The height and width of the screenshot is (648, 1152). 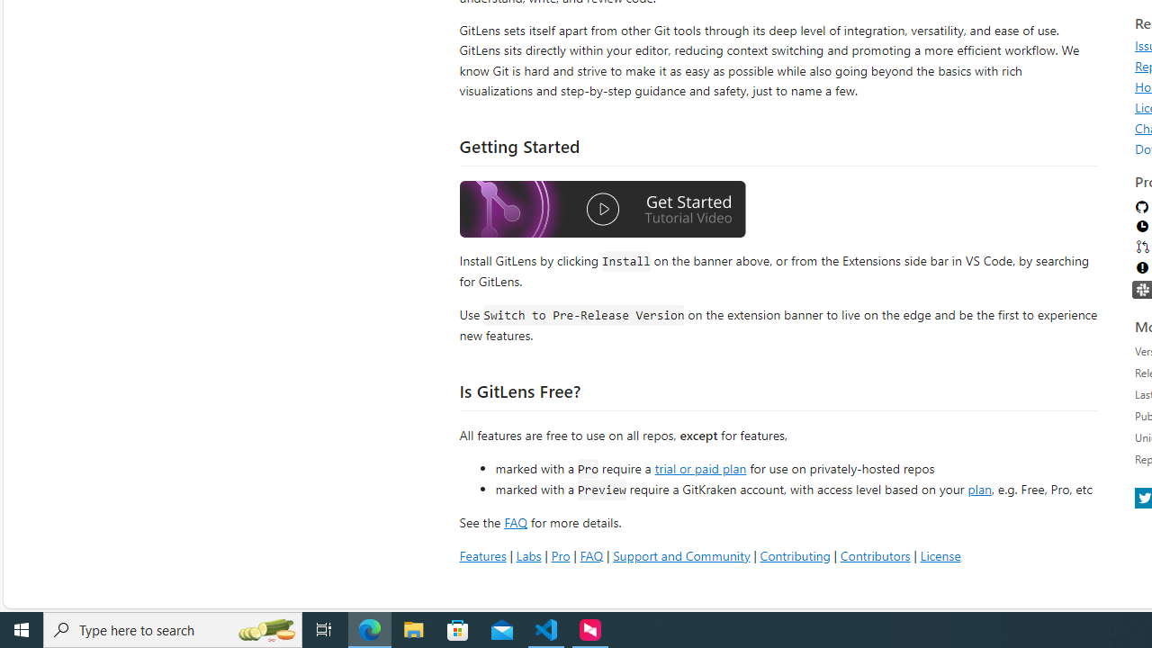 I want to click on 'Watch the GitLens Getting Started video', so click(x=602, y=209).